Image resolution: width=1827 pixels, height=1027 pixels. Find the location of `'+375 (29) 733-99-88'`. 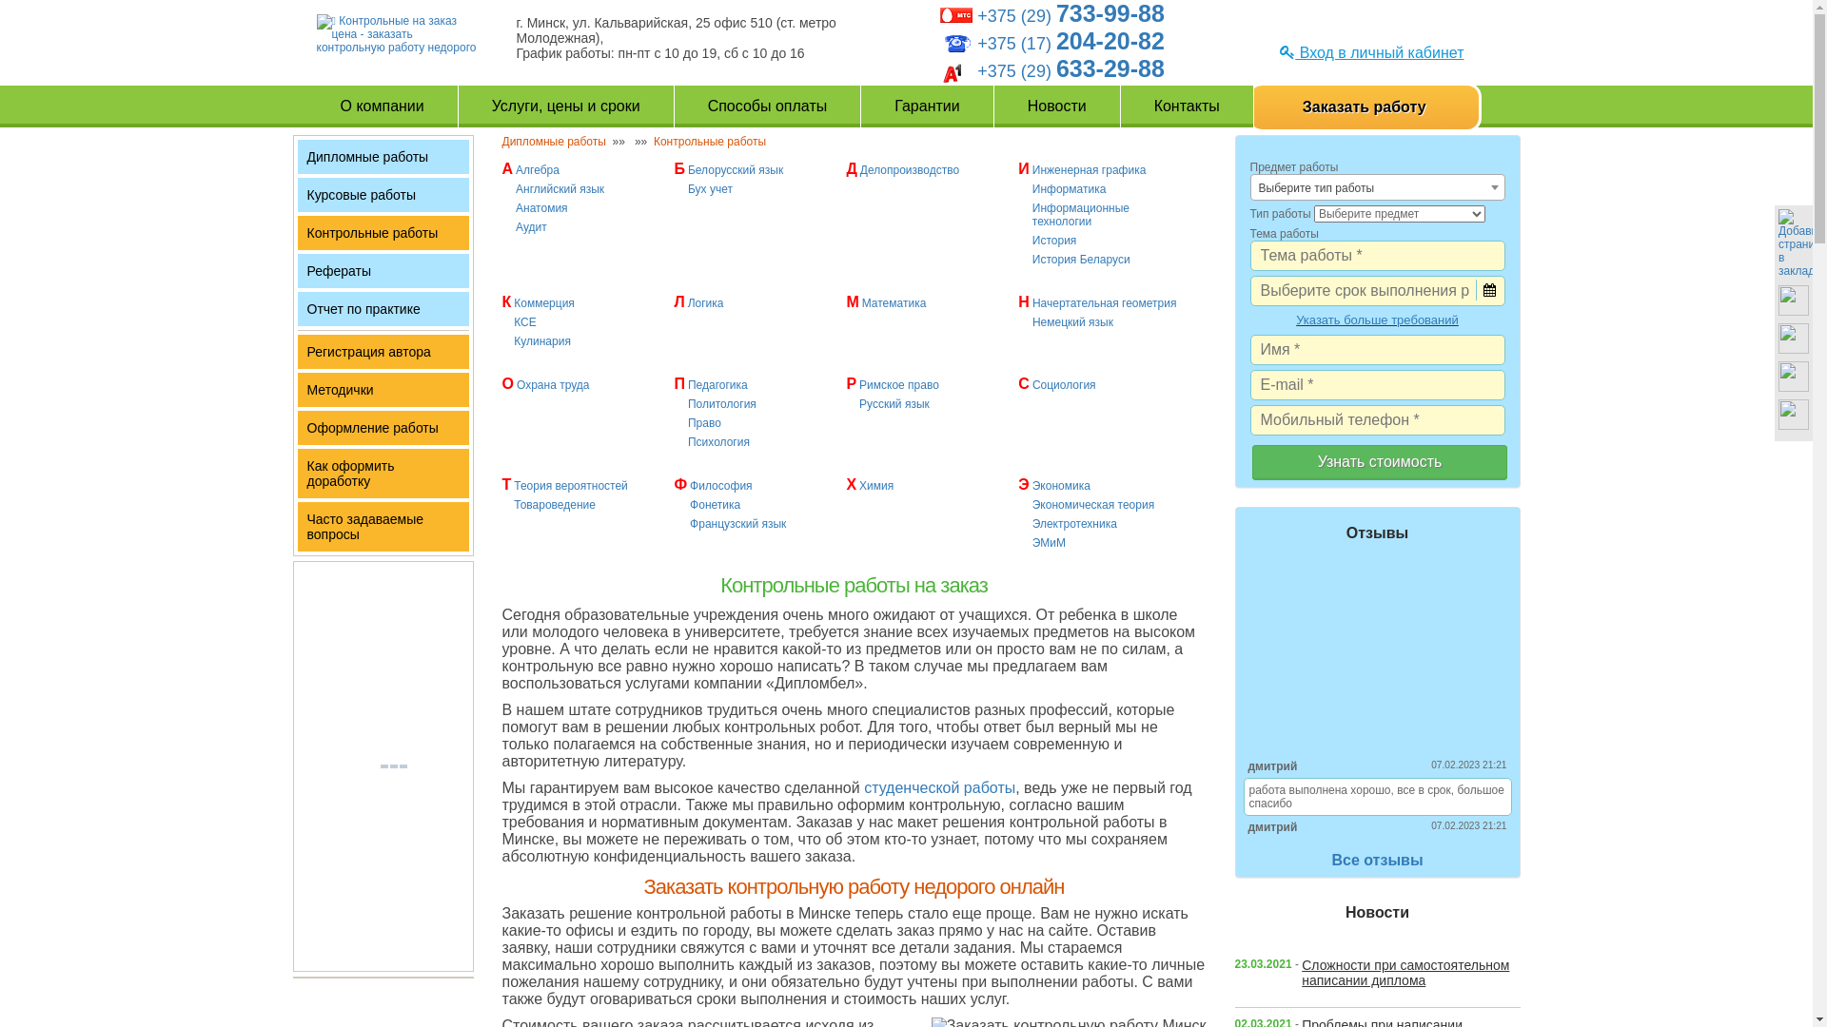

'+375 (29) 733-99-88' is located at coordinates (1071, 15).